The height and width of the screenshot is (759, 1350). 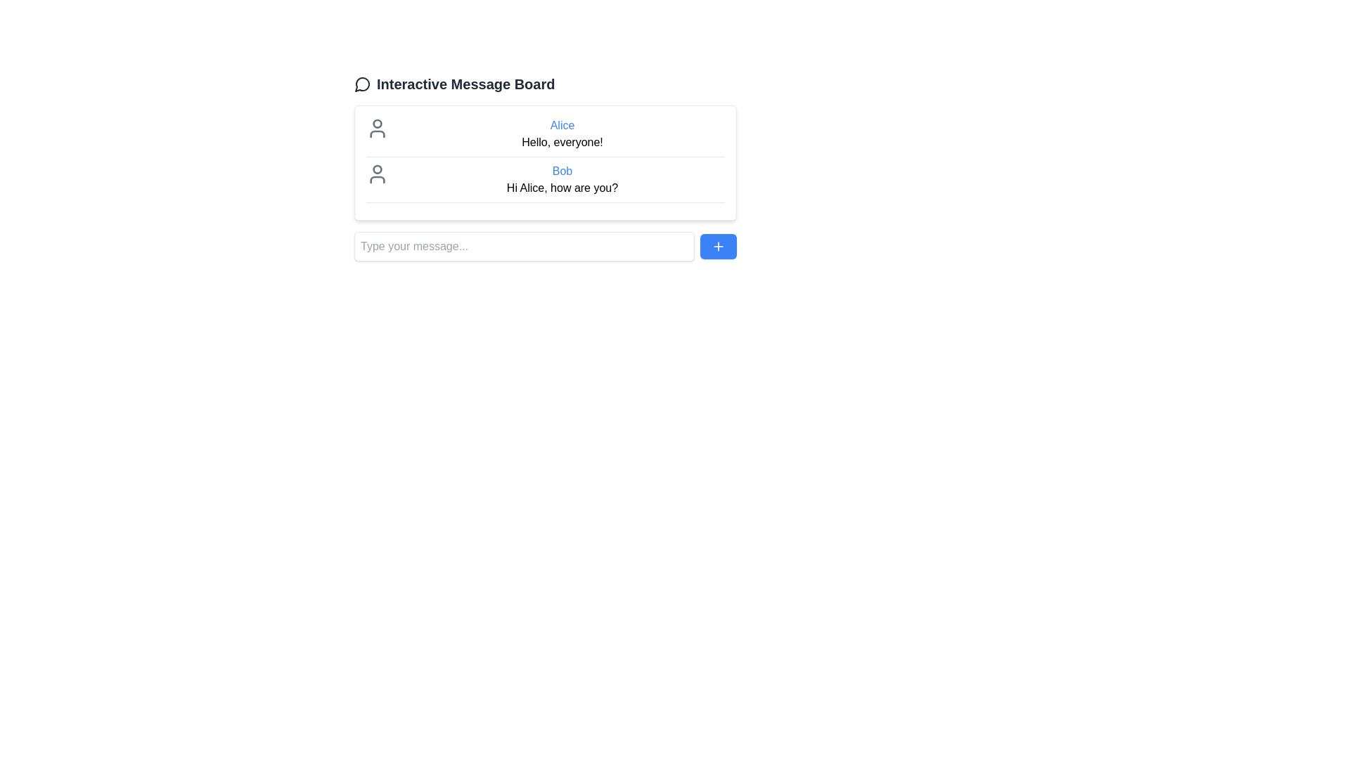 What do you see at coordinates (562, 187) in the screenshot?
I see `the text message 'Hi Alice, how are you?' displayed in plain text, located below the username 'Bob' in the chat interface` at bounding box center [562, 187].